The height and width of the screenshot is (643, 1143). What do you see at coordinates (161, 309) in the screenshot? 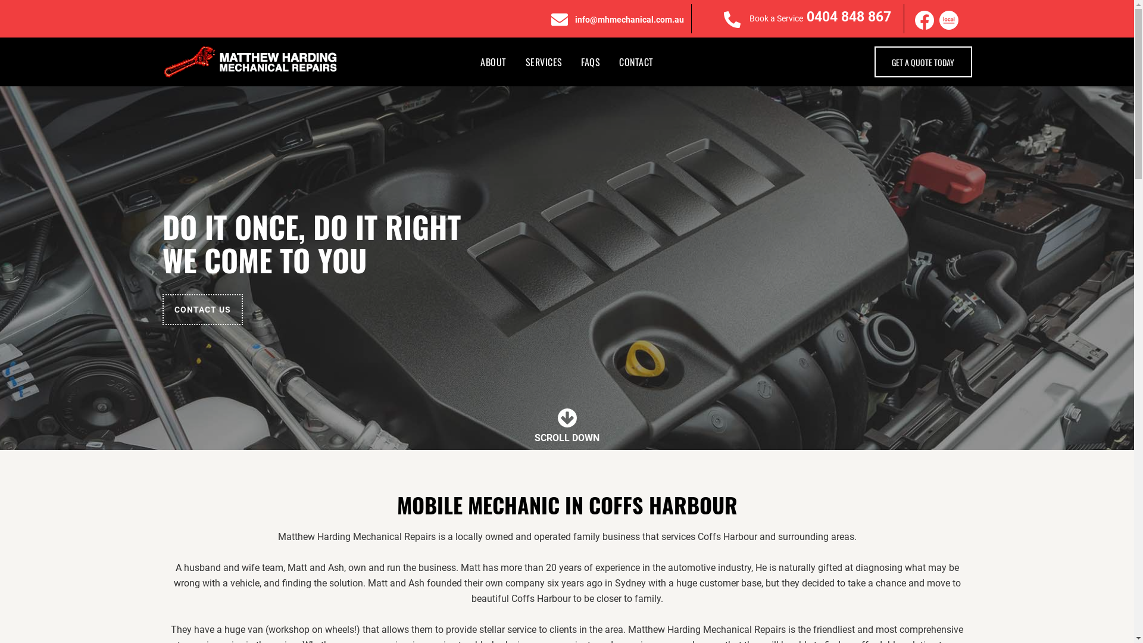
I see `'CONTACT US'` at bounding box center [161, 309].